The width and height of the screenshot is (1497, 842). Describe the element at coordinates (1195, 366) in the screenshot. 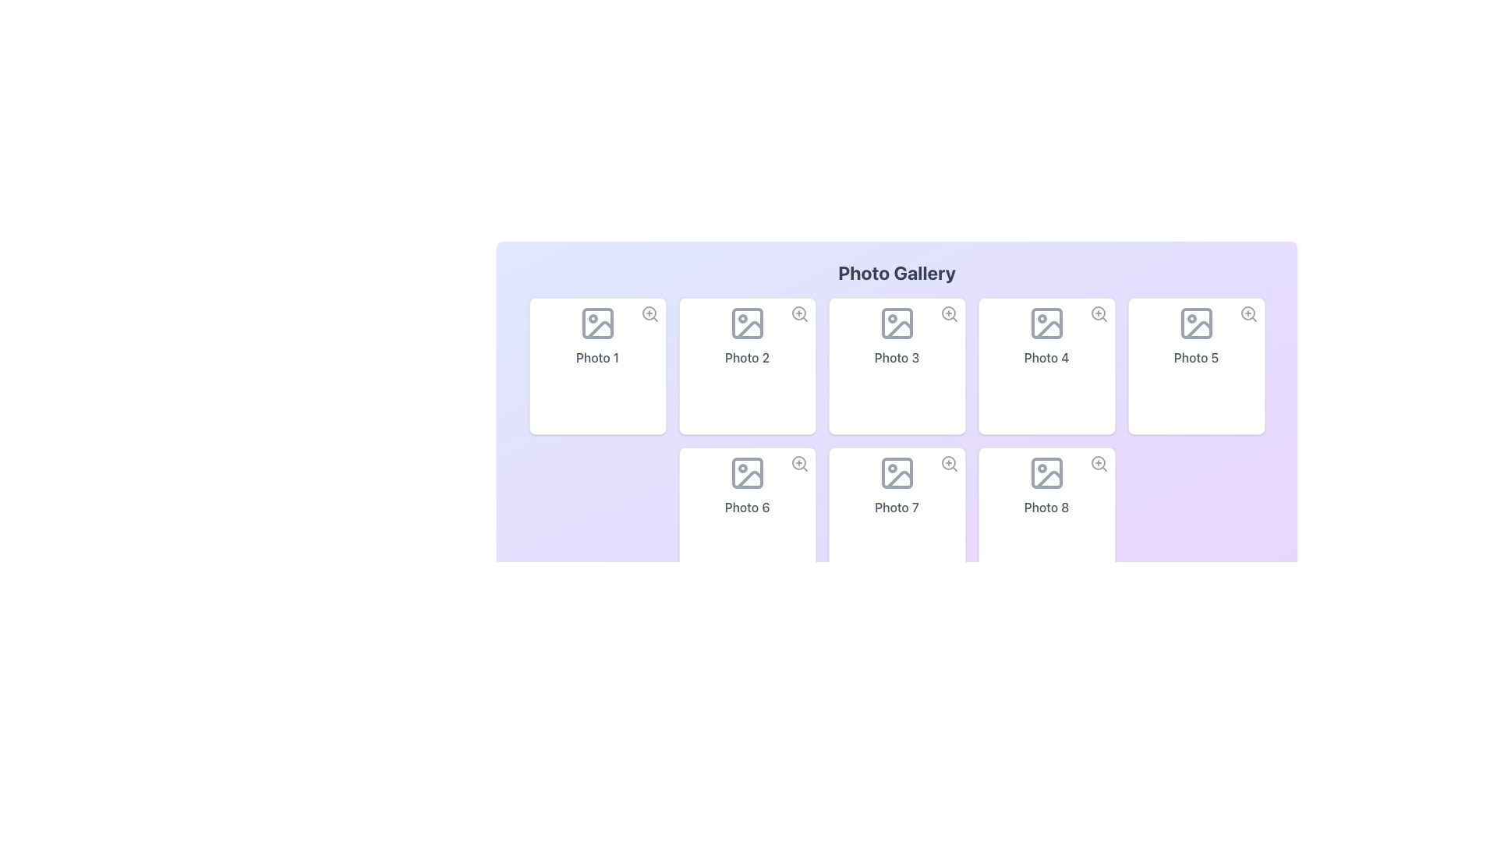

I see `the interactive card element labeled 'Photo 5' located in the top-right position of the first row in the 'Photo Gallery' grid` at that location.